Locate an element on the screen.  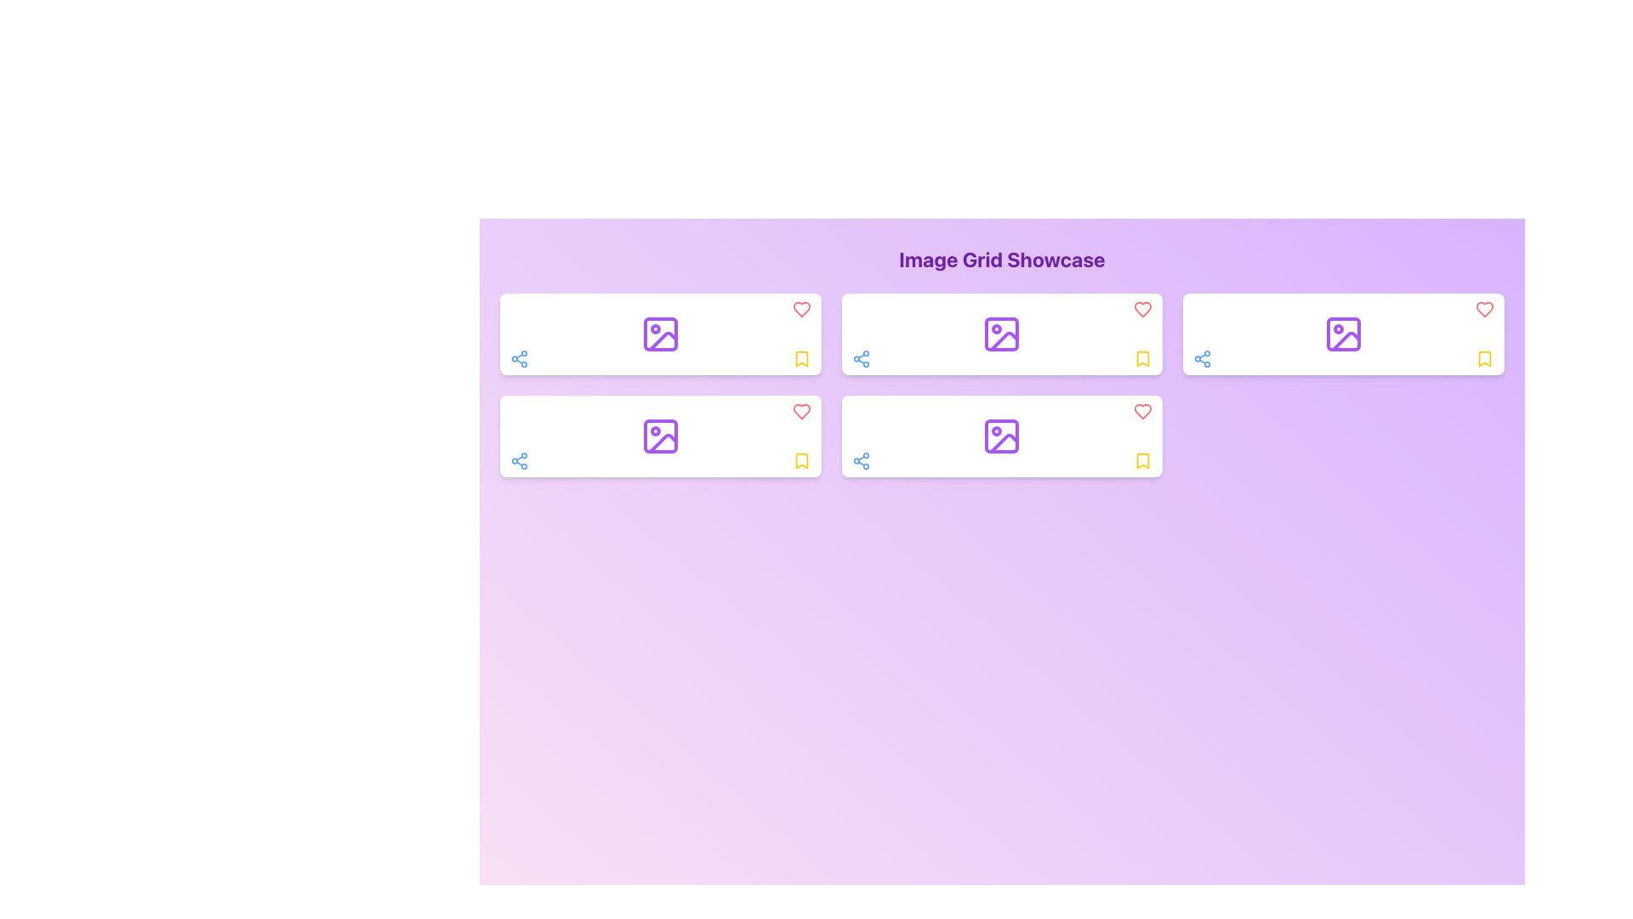
the heart icon button in the top-right corner of the second grid card in the second row is located at coordinates (800, 411).